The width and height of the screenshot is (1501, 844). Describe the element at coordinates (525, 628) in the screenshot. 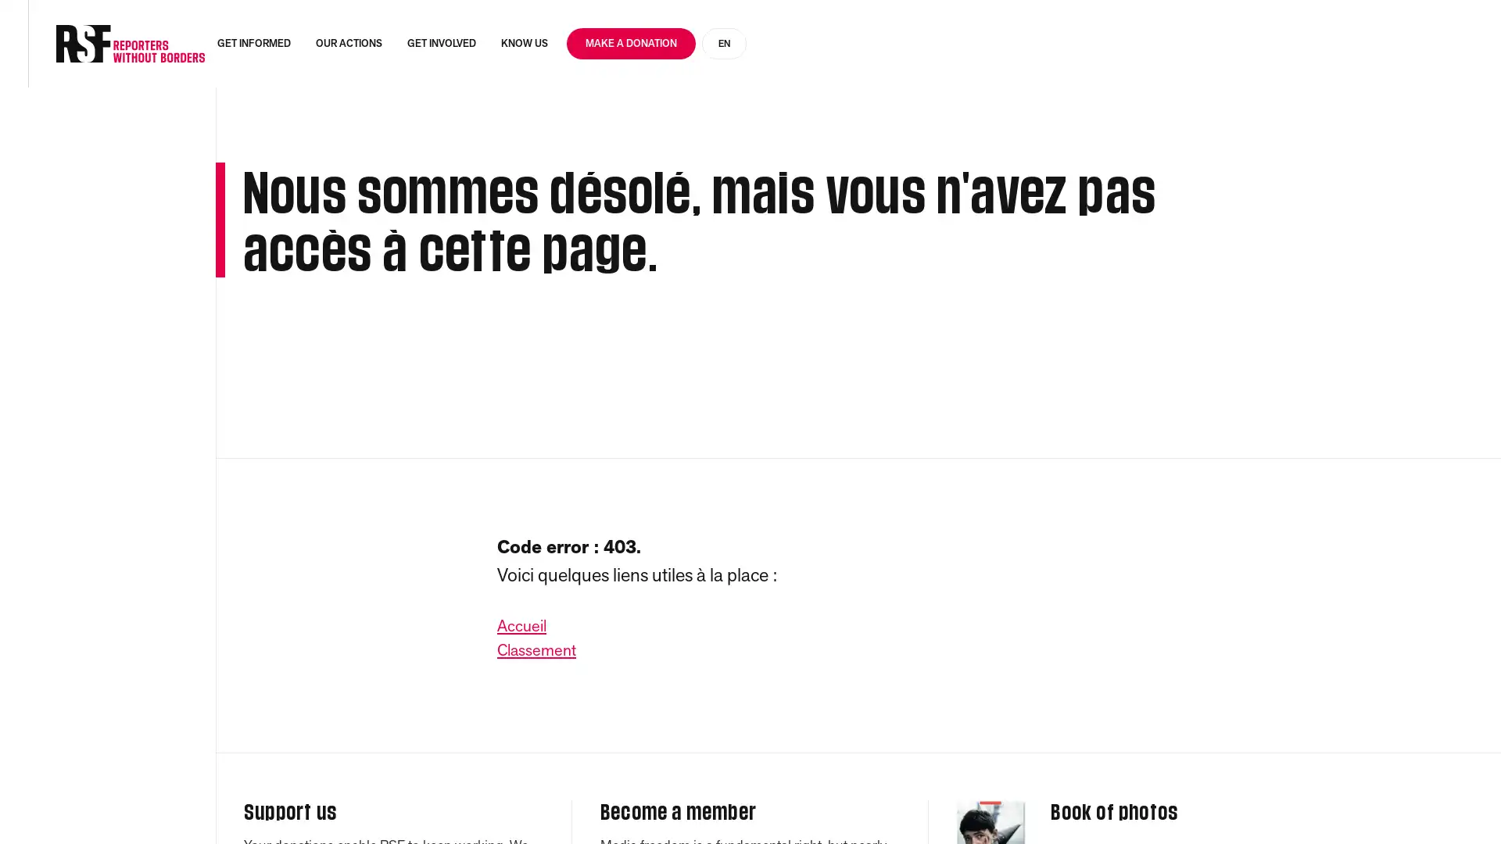

I see `Accueil` at that location.